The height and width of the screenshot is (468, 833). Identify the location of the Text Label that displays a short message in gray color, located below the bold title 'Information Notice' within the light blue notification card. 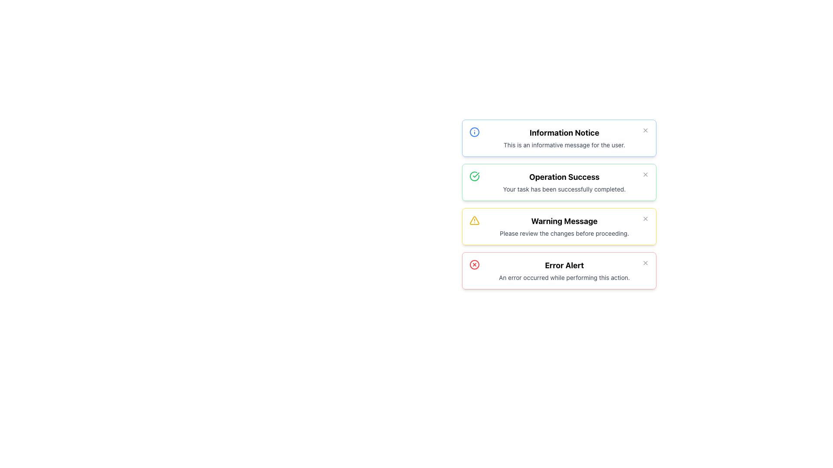
(564, 145).